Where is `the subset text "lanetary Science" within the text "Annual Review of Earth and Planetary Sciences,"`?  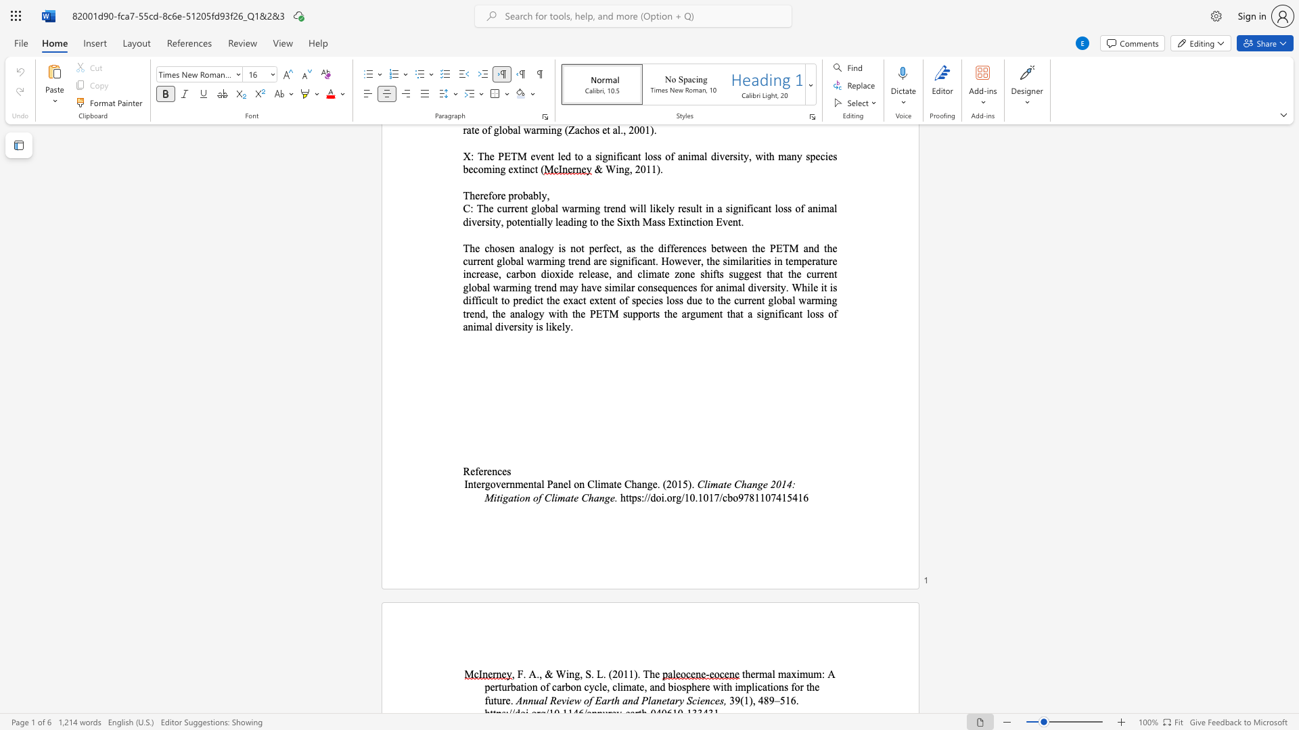
the subset text "lanetary Science" within the text "Annual Review of Earth and Planetary Sciences," is located at coordinates (647, 700).